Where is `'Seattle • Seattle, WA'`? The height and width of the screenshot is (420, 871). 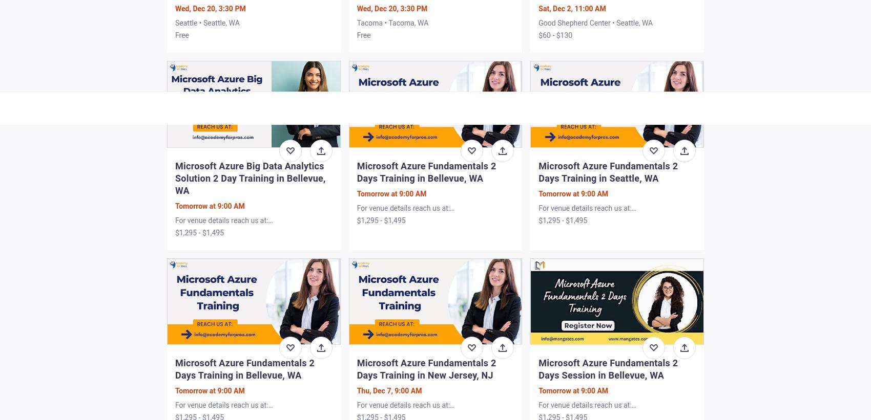 'Seattle • Seattle, WA' is located at coordinates (206, 22).